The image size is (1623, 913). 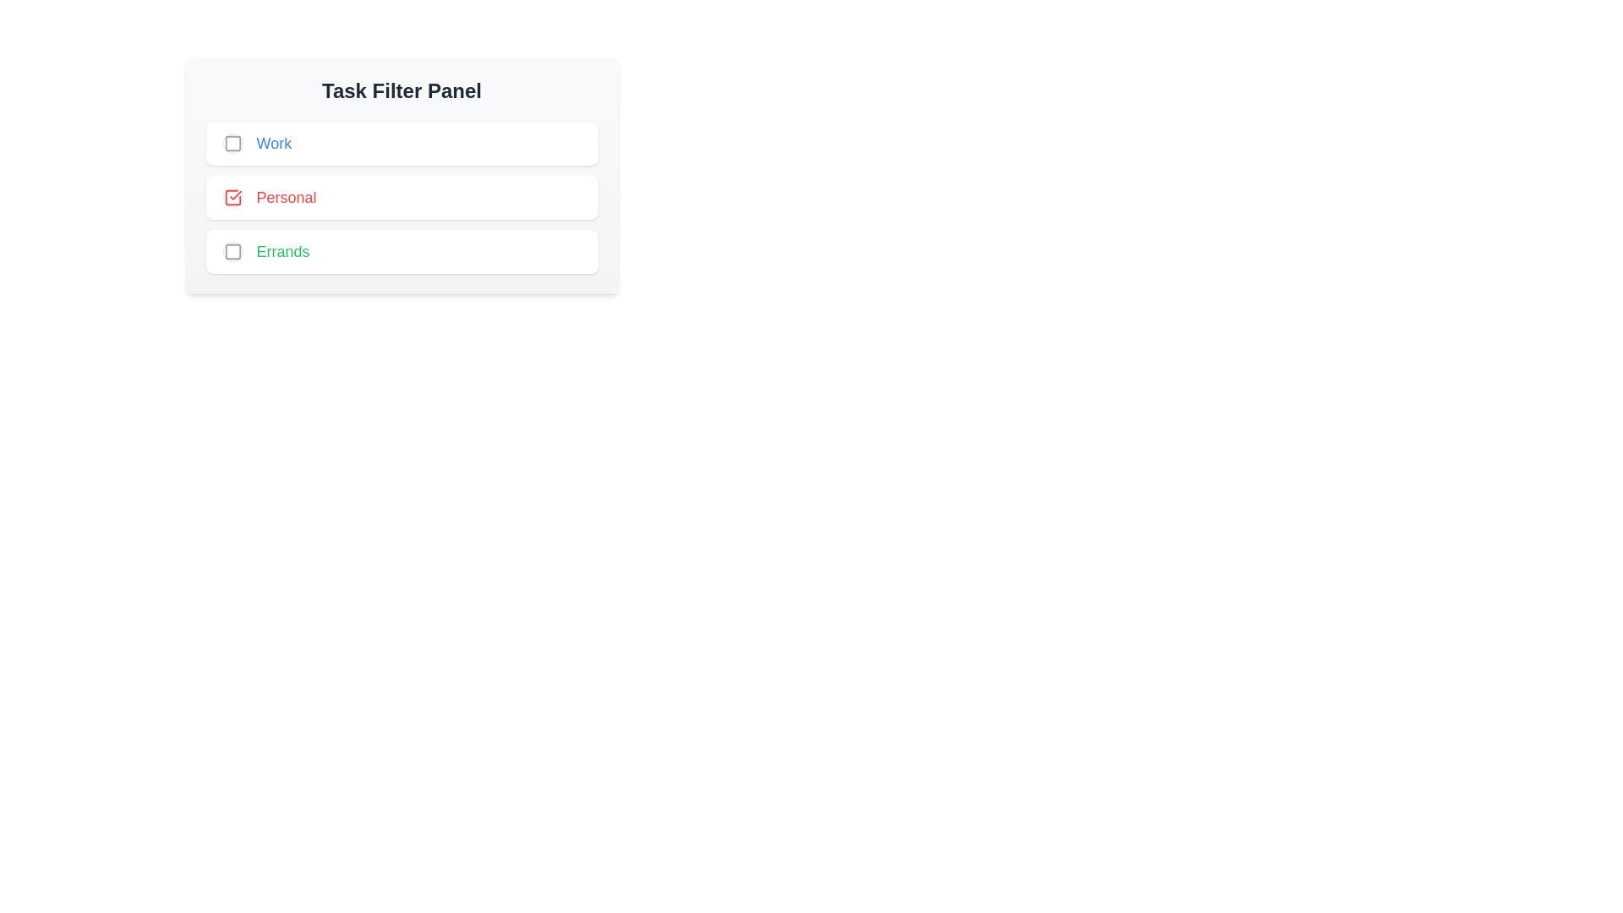 What do you see at coordinates (232, 142) in the screenshot?
I see `the inactive state indicator icon located in the first option ('Work') of the task filter panel` at bounding box center [232, 142].